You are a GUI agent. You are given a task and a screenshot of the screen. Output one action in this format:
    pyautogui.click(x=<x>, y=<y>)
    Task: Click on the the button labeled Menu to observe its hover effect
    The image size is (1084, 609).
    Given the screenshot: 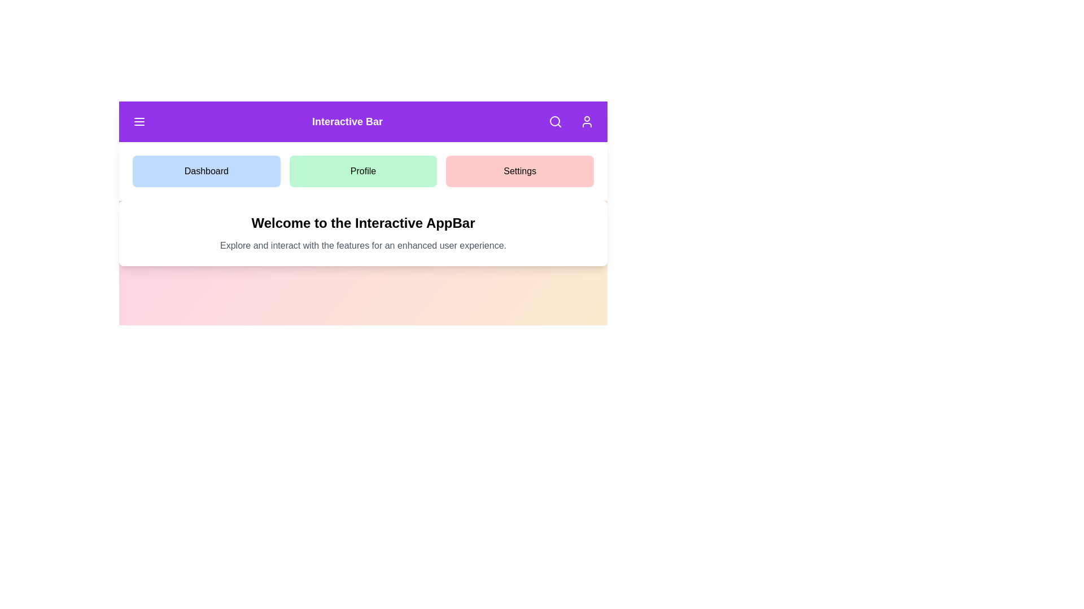 What is the action you would take?
    pyautogui.click(x=138, y=122)
    